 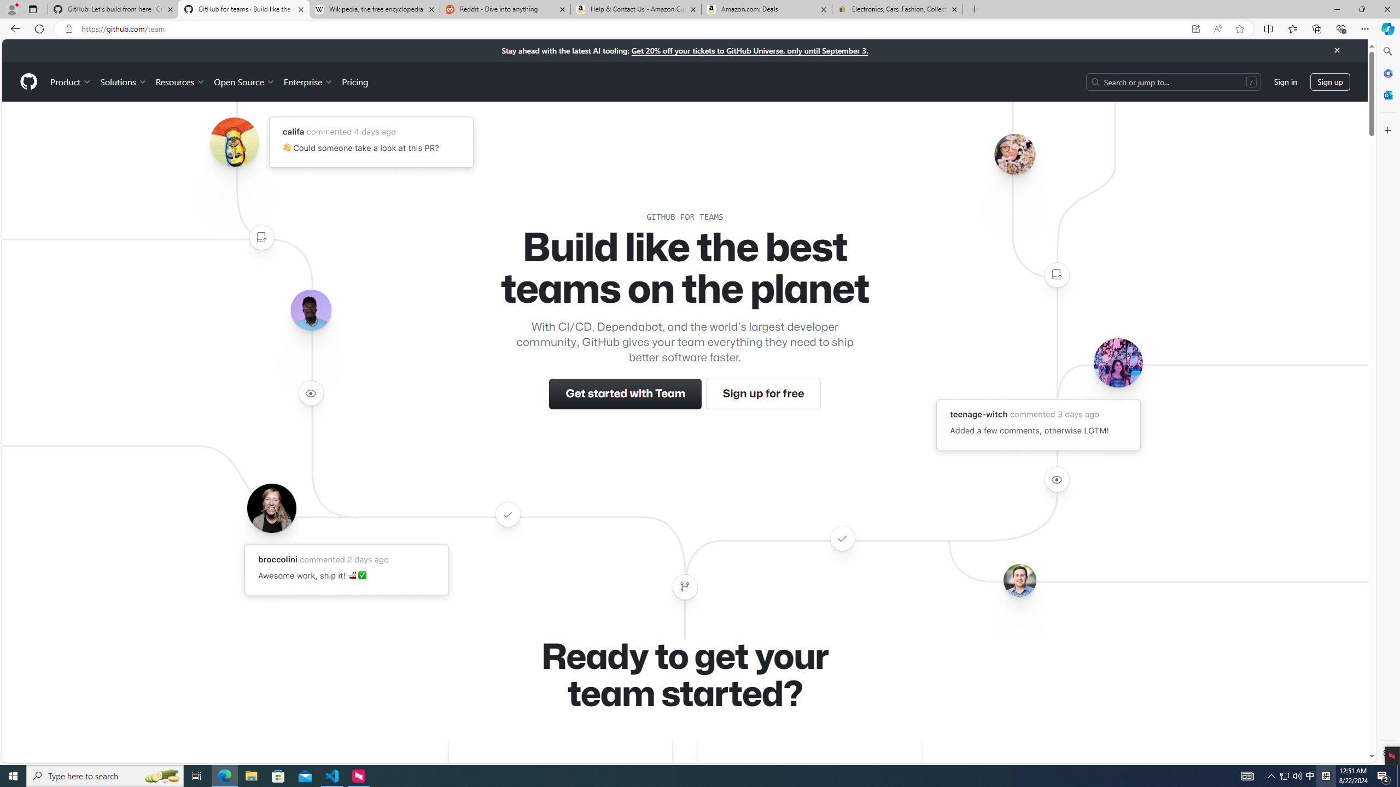 I want to click on 'Resources', so click(x=180, y=81).